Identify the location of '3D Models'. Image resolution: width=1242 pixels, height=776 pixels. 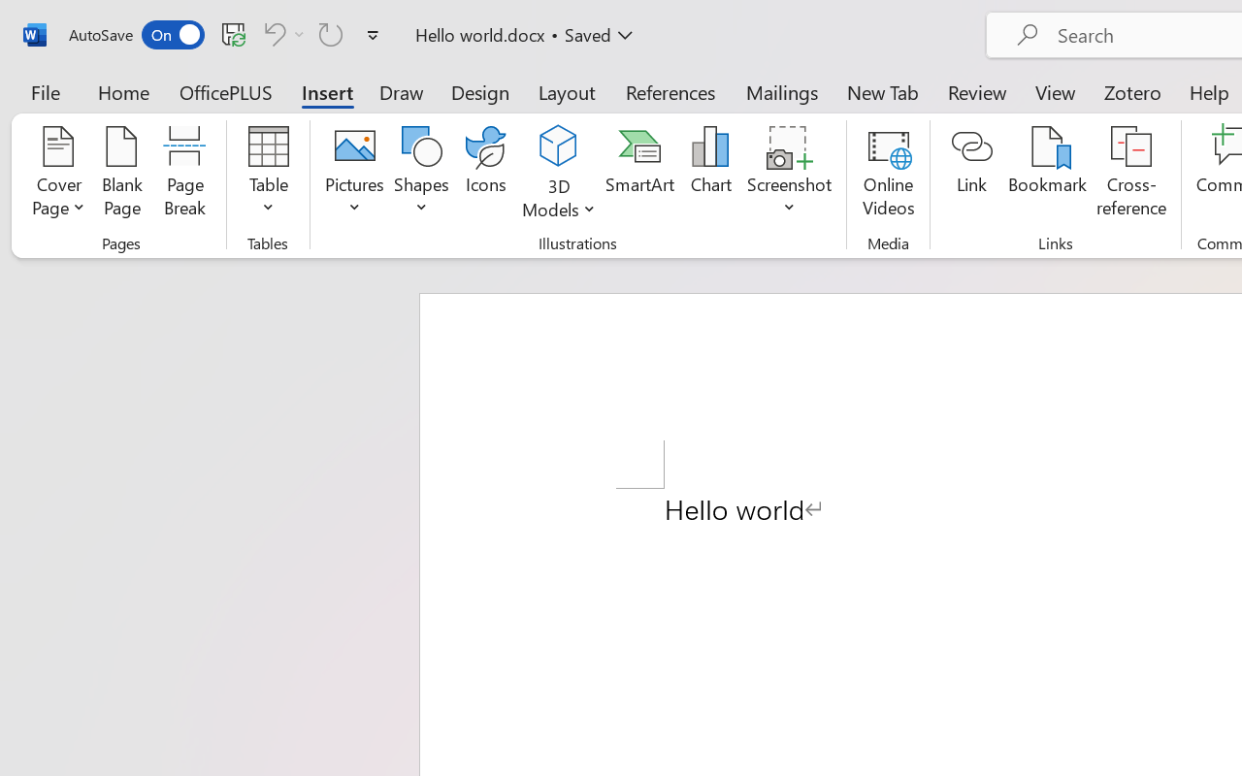
(558, 146).